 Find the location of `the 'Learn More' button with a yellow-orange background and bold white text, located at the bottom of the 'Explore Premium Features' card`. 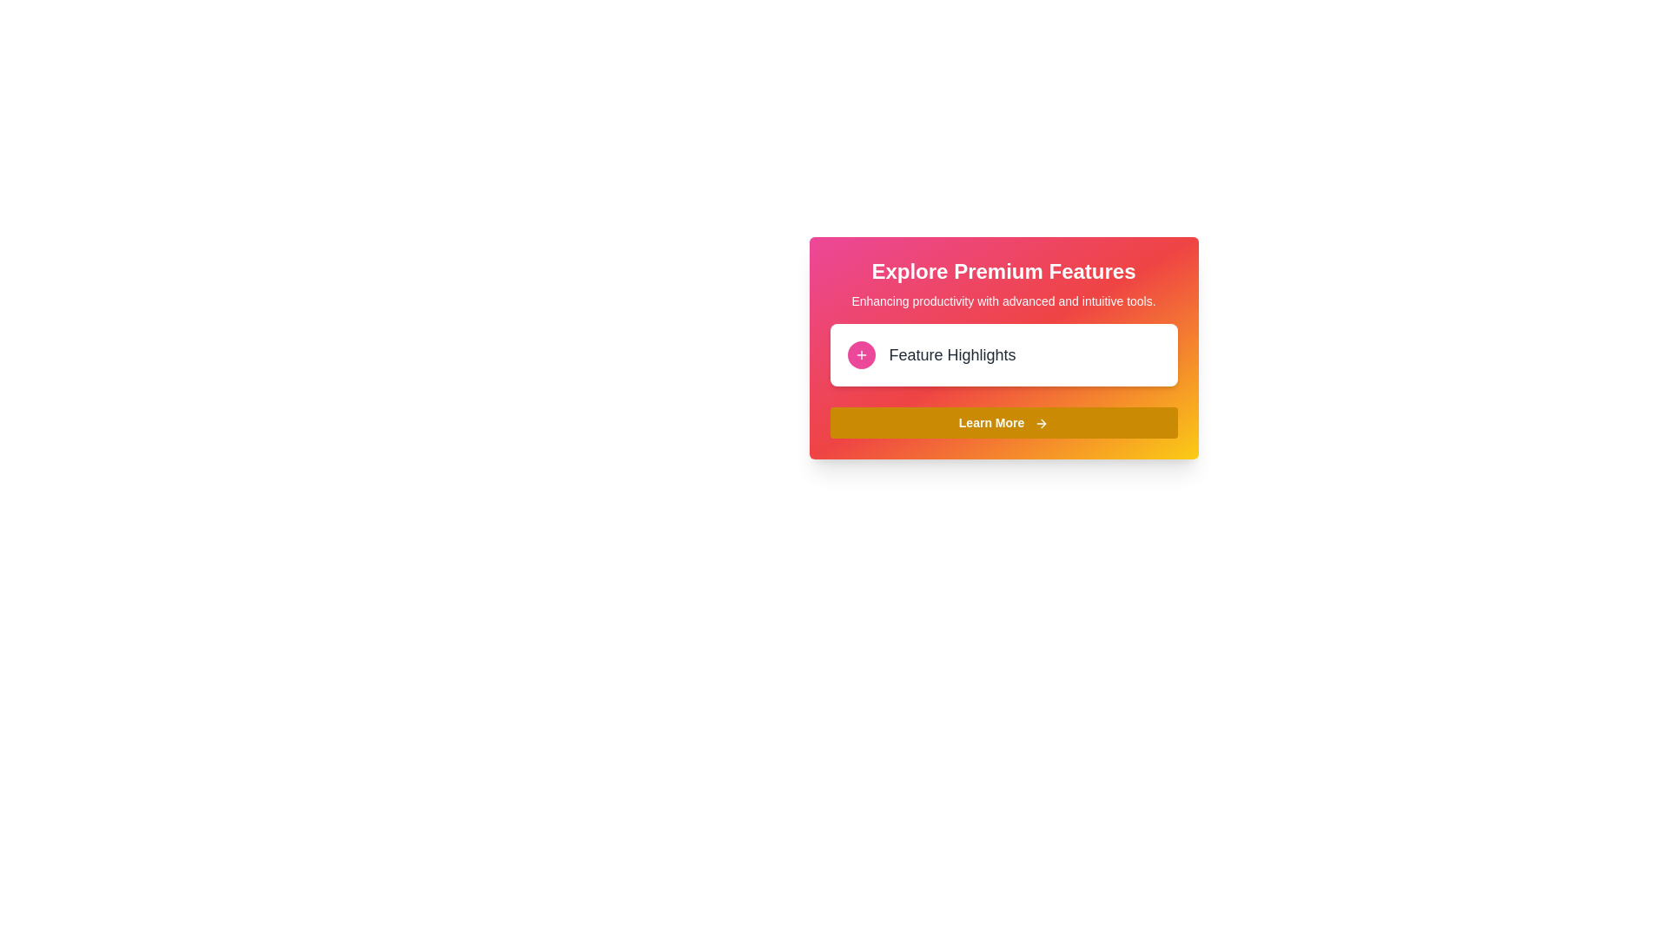

the 'Learn More' button with a yellow-orange background and bold white text, located at the bottom of the 'Explore Premium Features' card is located at coordinates (1003, 422).